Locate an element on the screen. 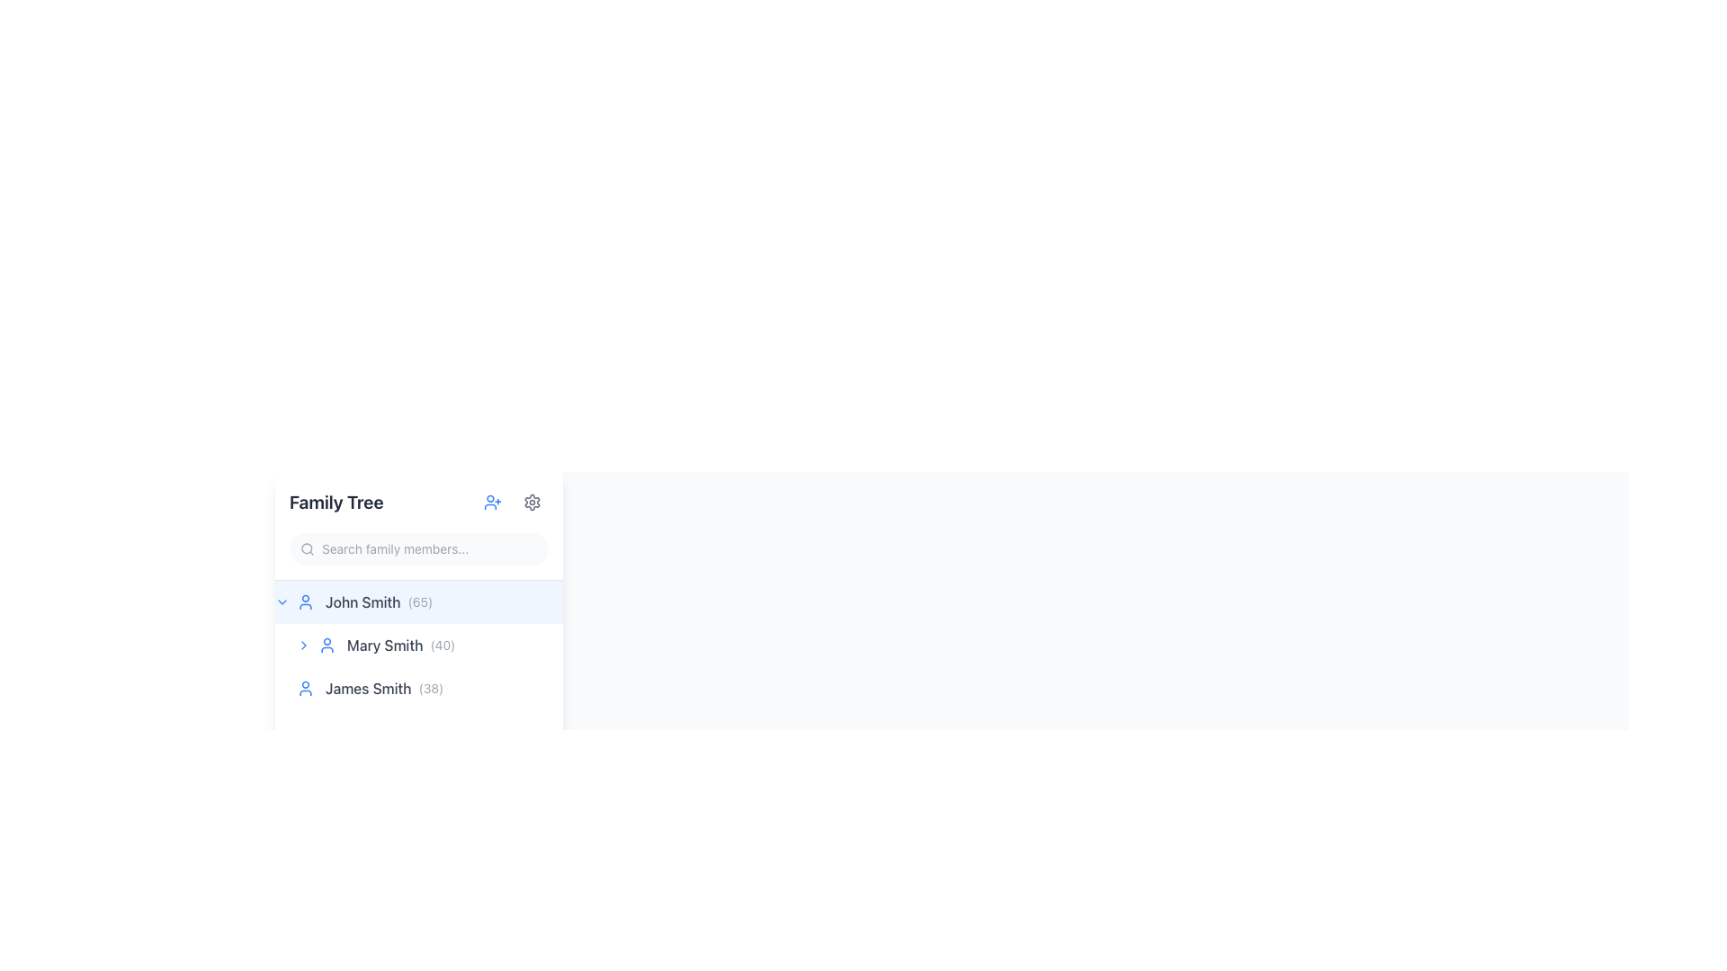 This screenshot has width=1727, height=971. the text label indicating the age of 'James Smith', which is located to the immediate right of the name in the family tree panel is located at coordinates (430, 688).